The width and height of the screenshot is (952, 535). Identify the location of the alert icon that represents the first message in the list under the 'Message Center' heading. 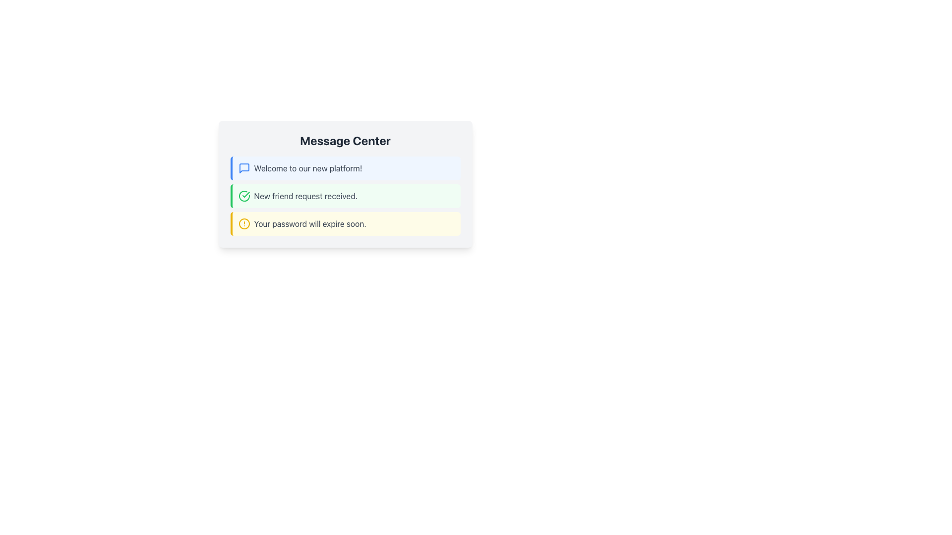
(244, 167).